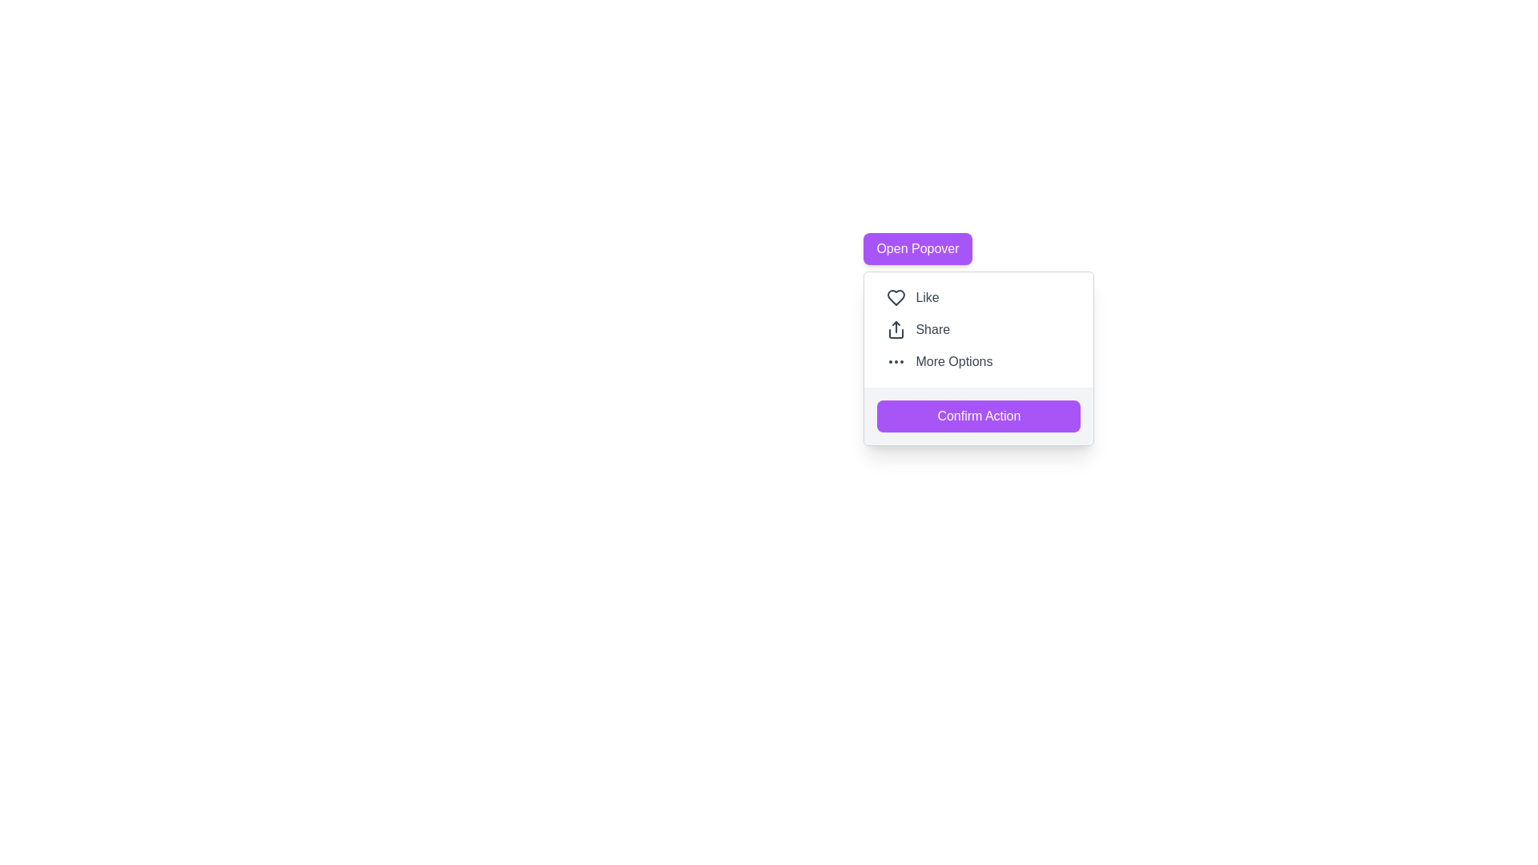  I want to click on text label that says 'More Options', which is dark gray and positioned at the bottom of a popover menu next to three circular ellipsis dots, so click(954, 361).